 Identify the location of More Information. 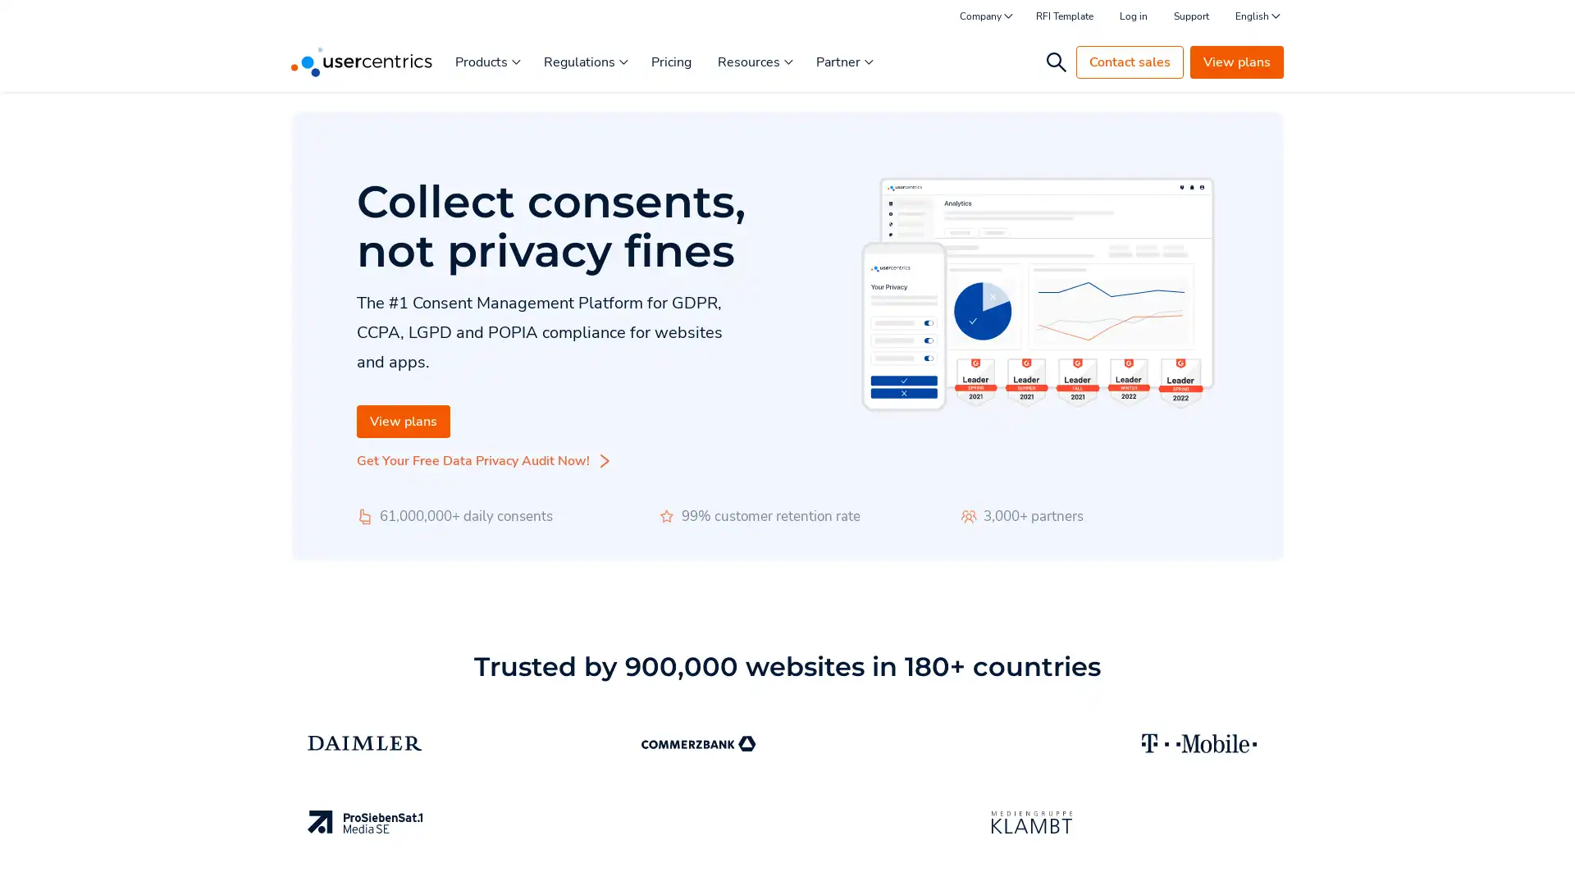
(208, 836).